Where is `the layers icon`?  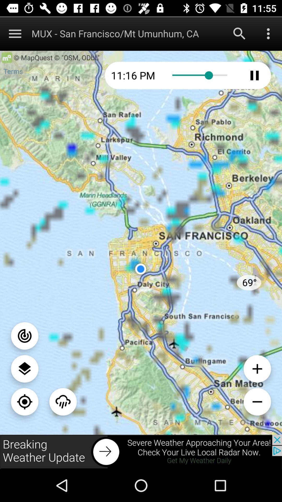 the layers icon is located at coordinates (25, 368).